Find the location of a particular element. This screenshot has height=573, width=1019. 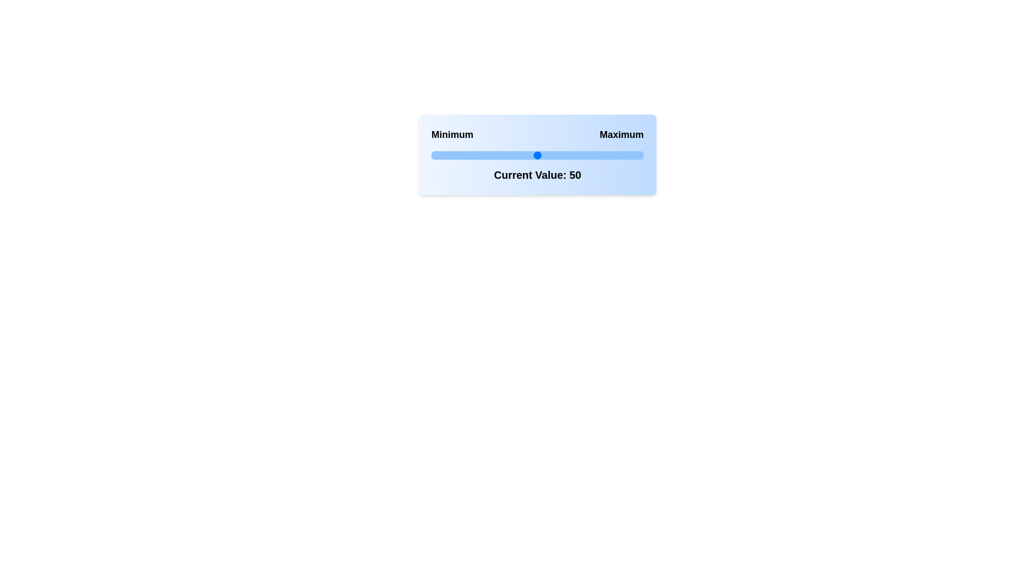

the slider at its current position is located at coordinates (537, 155).